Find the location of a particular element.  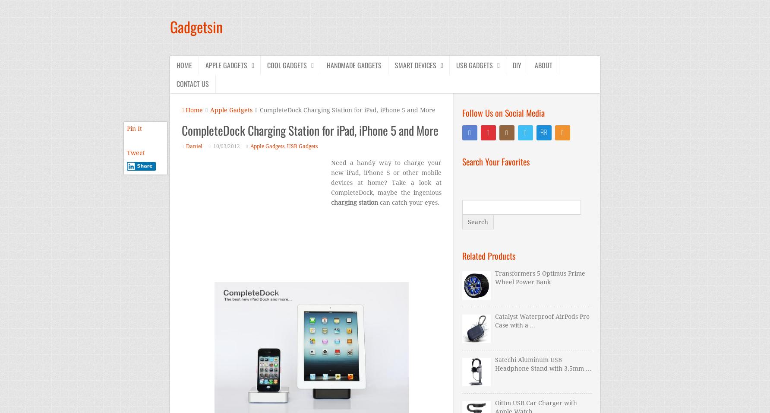

'Catalyst Waterproof AirPods Pro Case with a …' is located at coordinates (541, 321).